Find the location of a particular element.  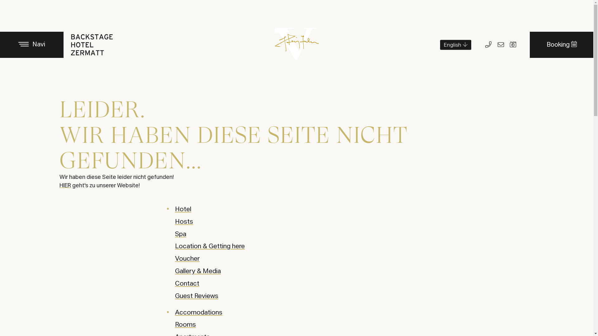

'Guest Reviews' is located at coordinates (196, 296).